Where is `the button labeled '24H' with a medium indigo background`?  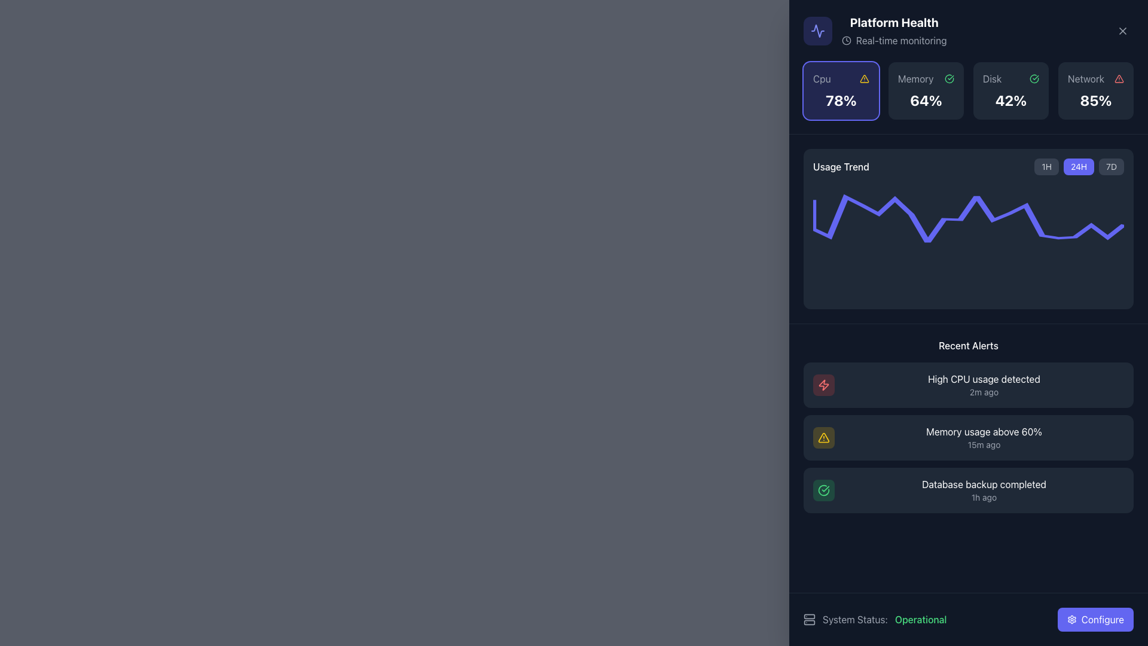 the button labeled '24H' with a medium indigo background is located at coordinates (1079, 166).